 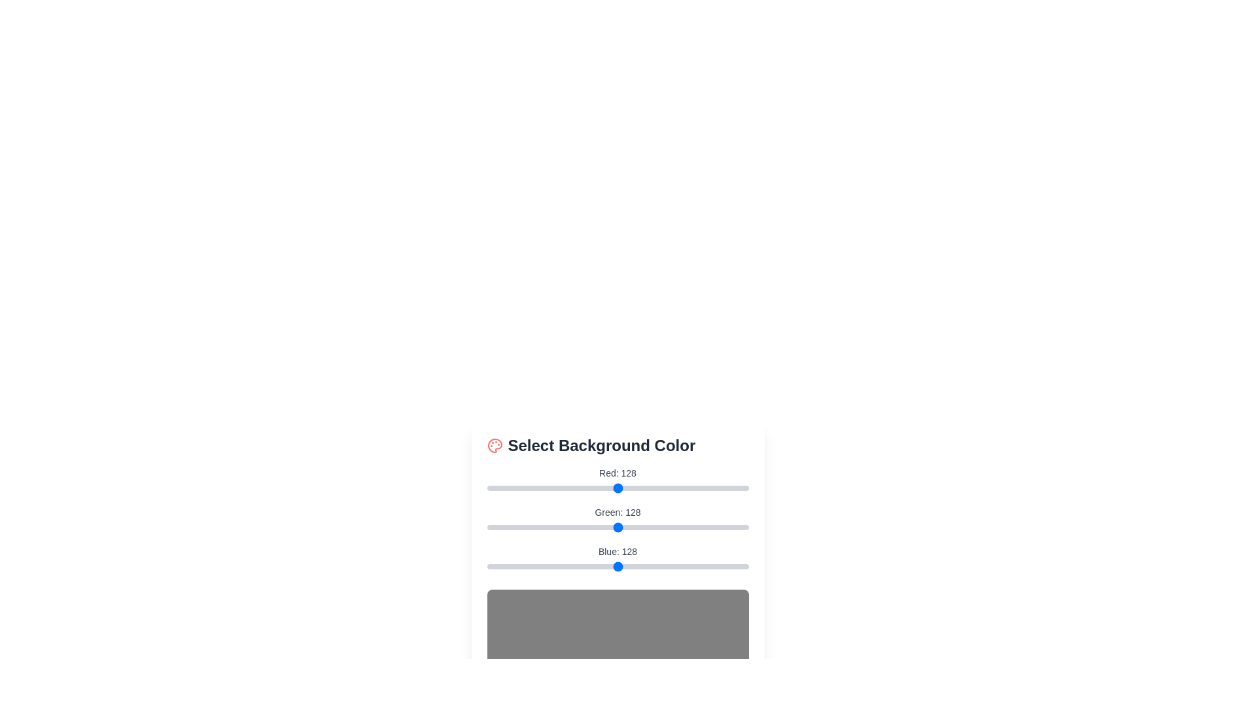 I want to click on the green color slider to set the green component to 60, so click(x=548, y=526).